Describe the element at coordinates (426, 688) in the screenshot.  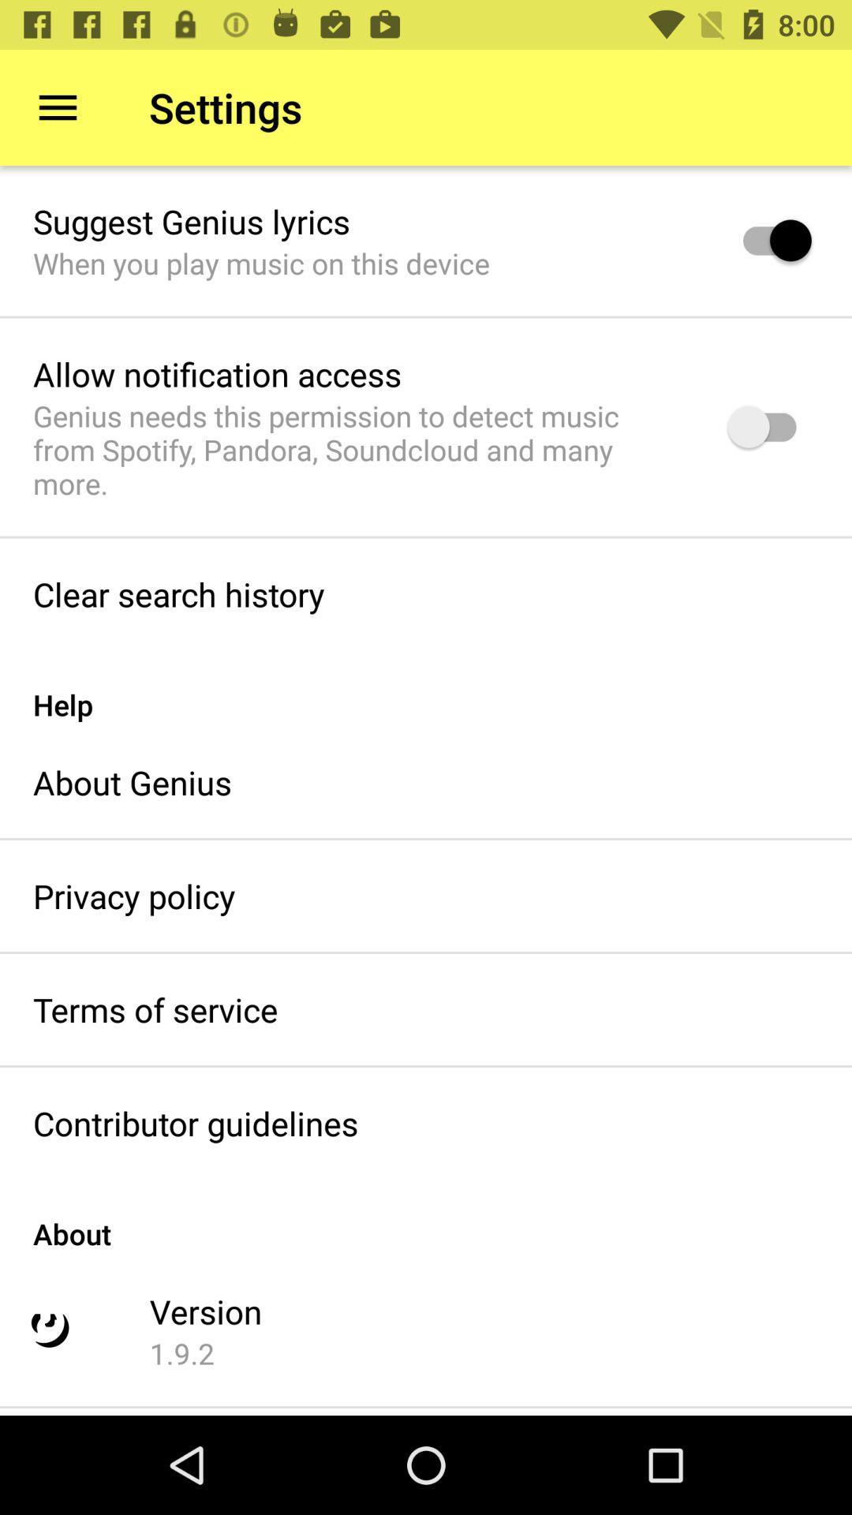
I see `help` at that location.